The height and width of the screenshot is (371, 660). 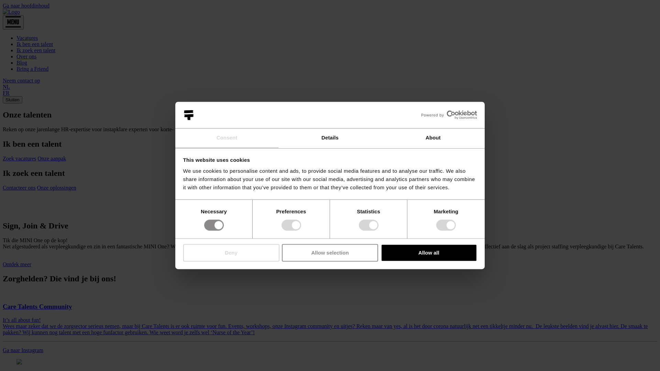 What do you see at coordinates (3, 100) in the screenshot?
I see `'Sluiten'` at bounding box center [3, 100].